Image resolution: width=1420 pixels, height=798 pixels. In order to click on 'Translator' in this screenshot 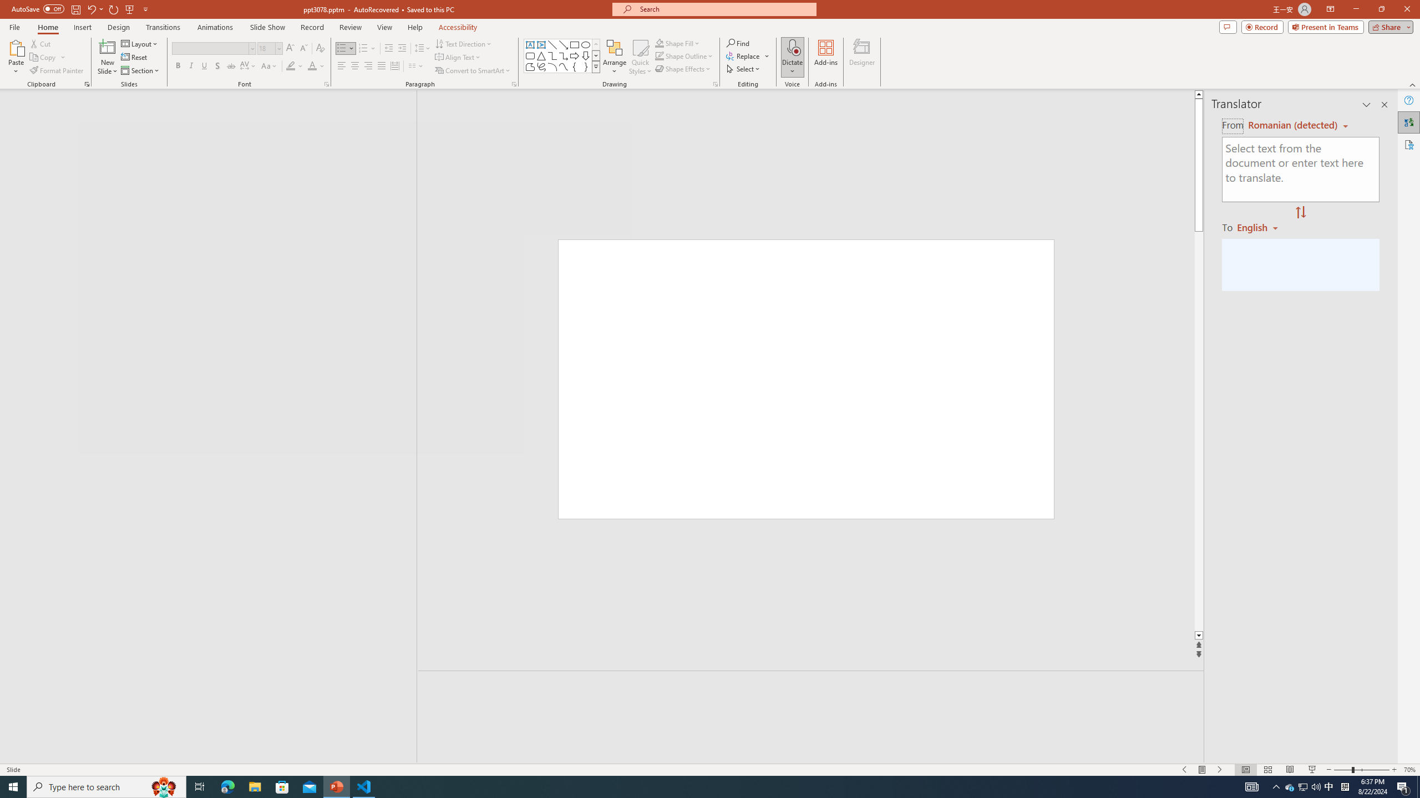, I will do `click(1408, 122)`.